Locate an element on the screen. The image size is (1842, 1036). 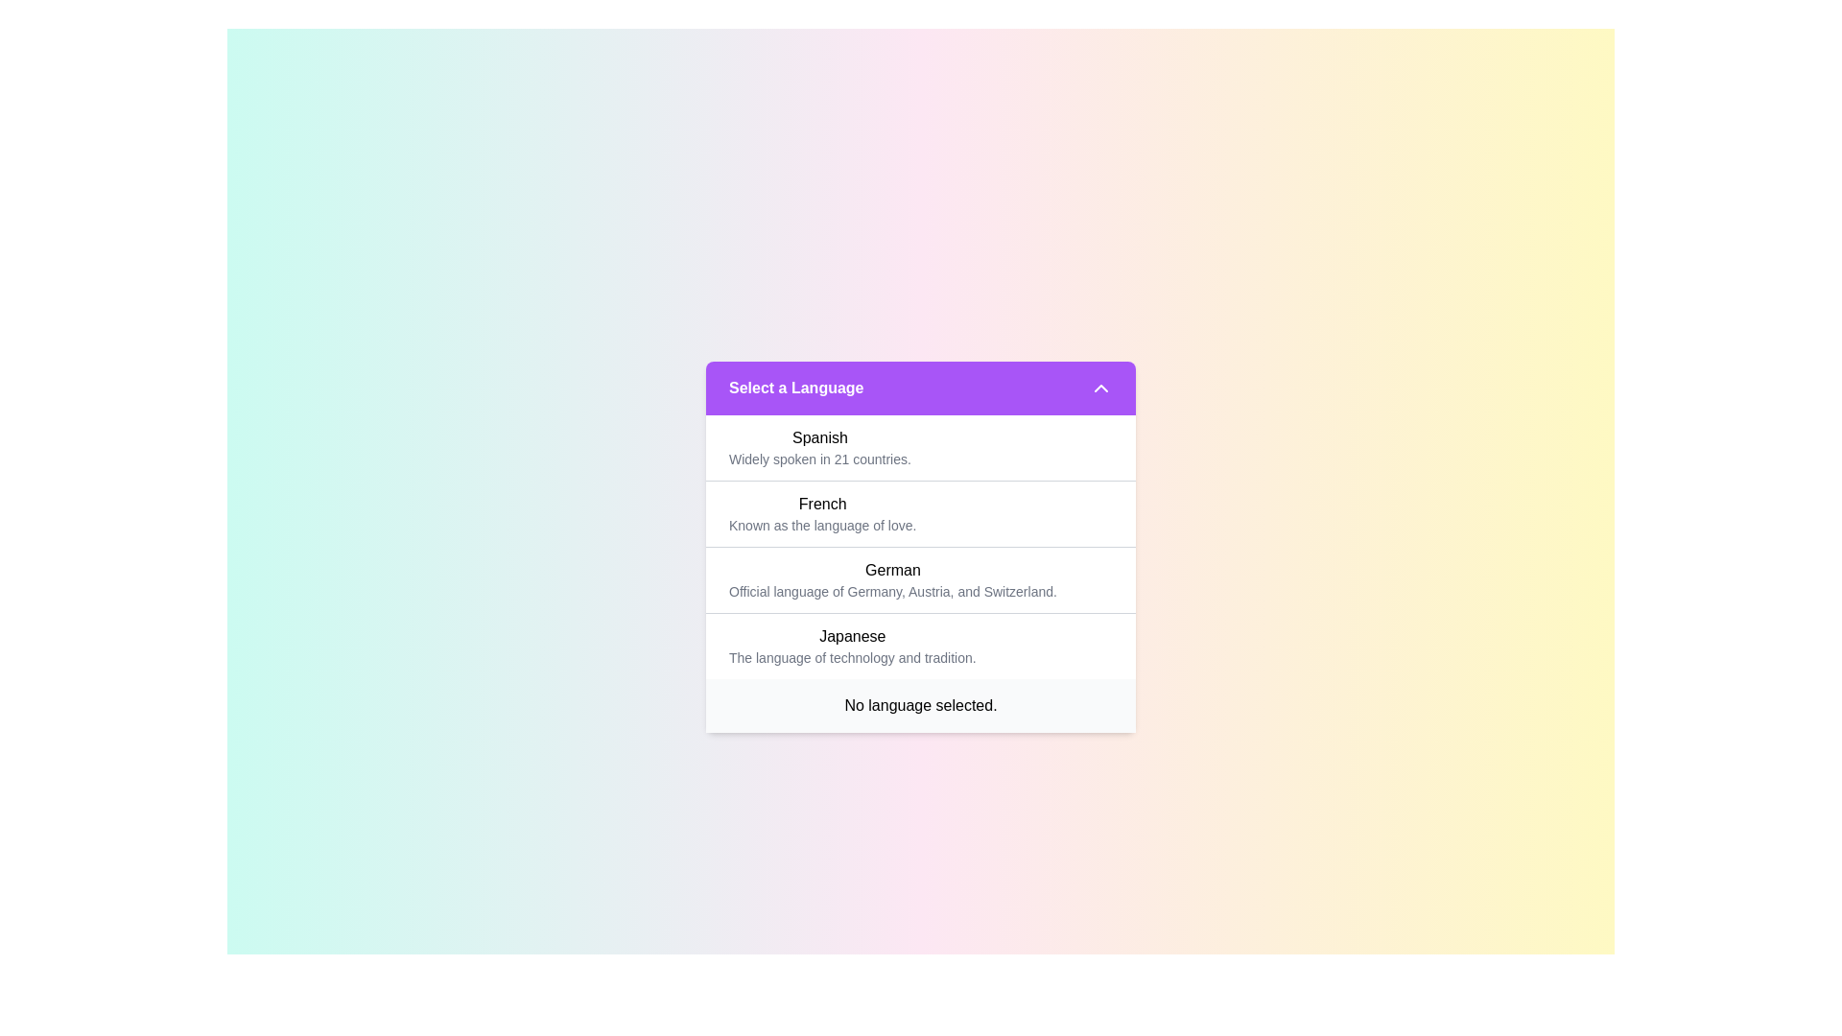
the fourth list item in the dropdown menu titled 'Select a Language' is located at coordinates (851, 646).